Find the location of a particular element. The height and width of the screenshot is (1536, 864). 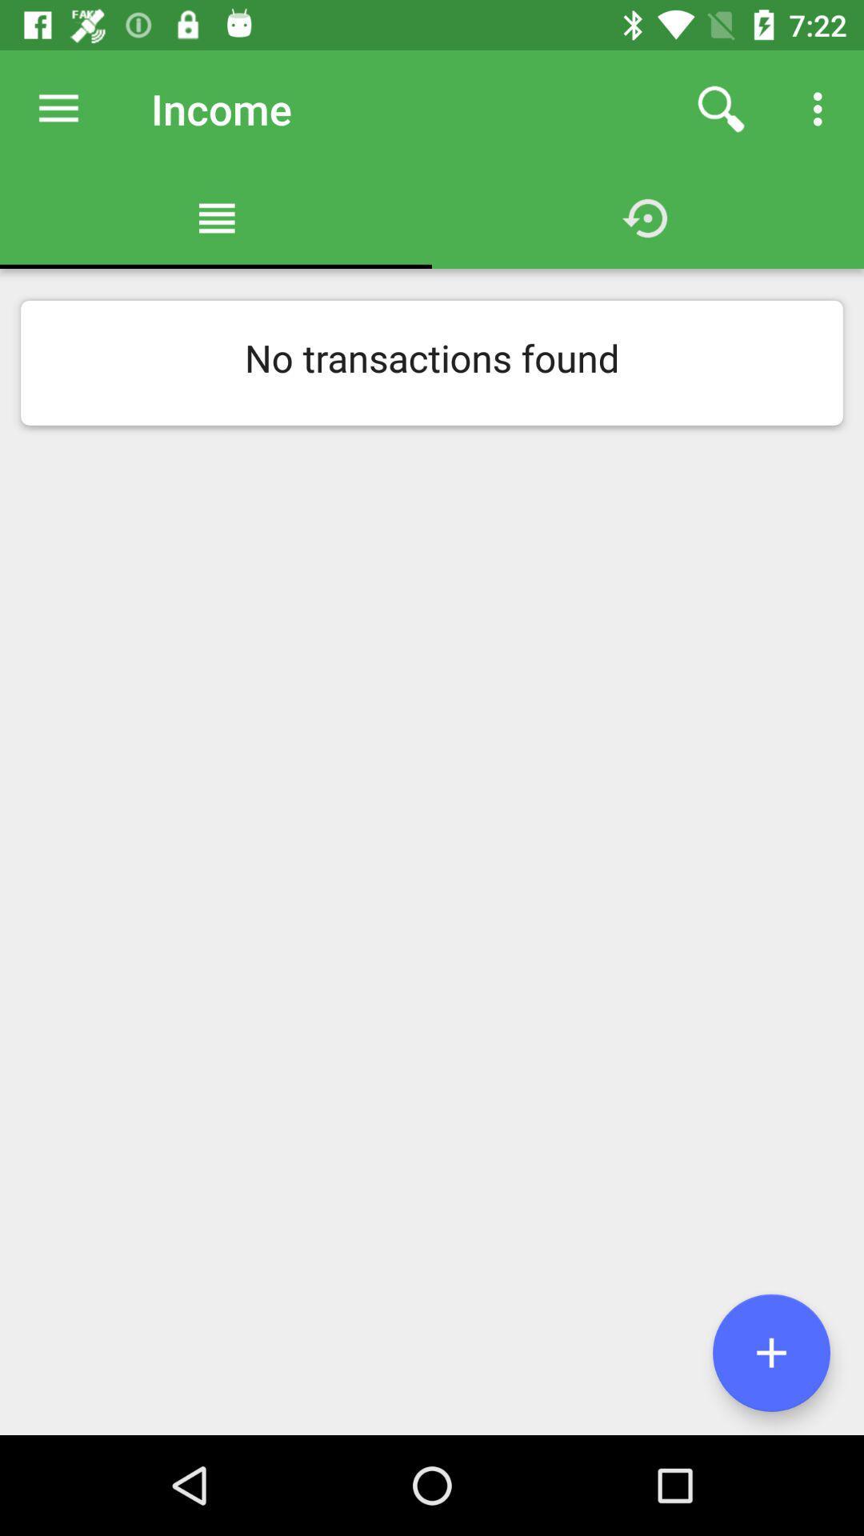

a transaction option is located at coordinates (770, 1352).